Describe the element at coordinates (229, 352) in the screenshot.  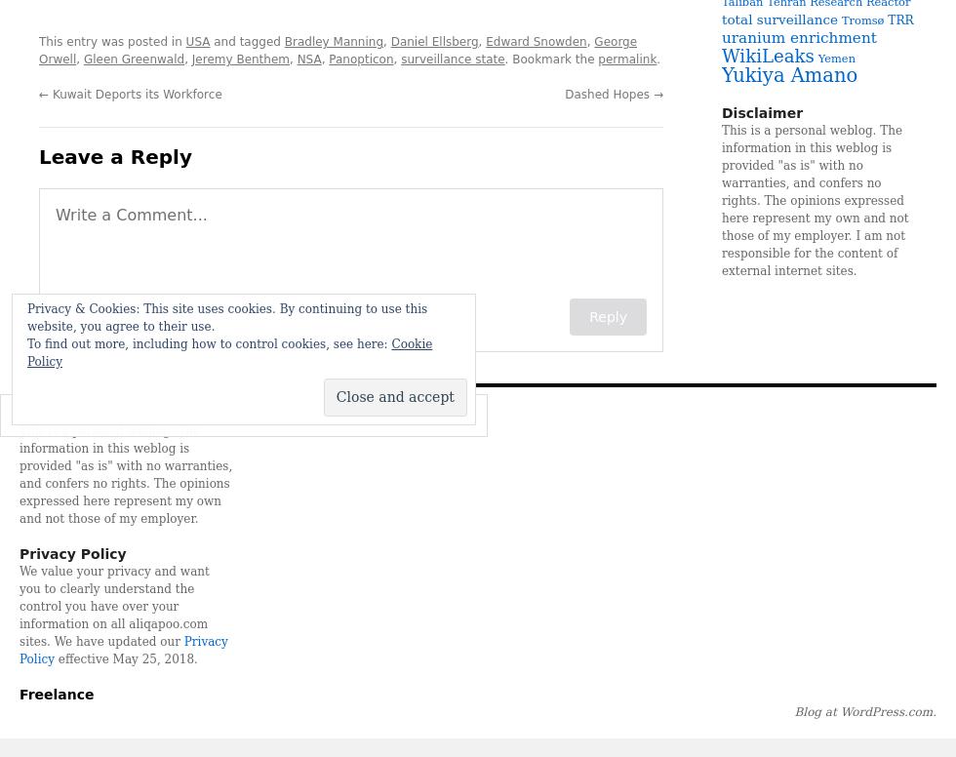
I see `'Cookie Policy'` at that location.